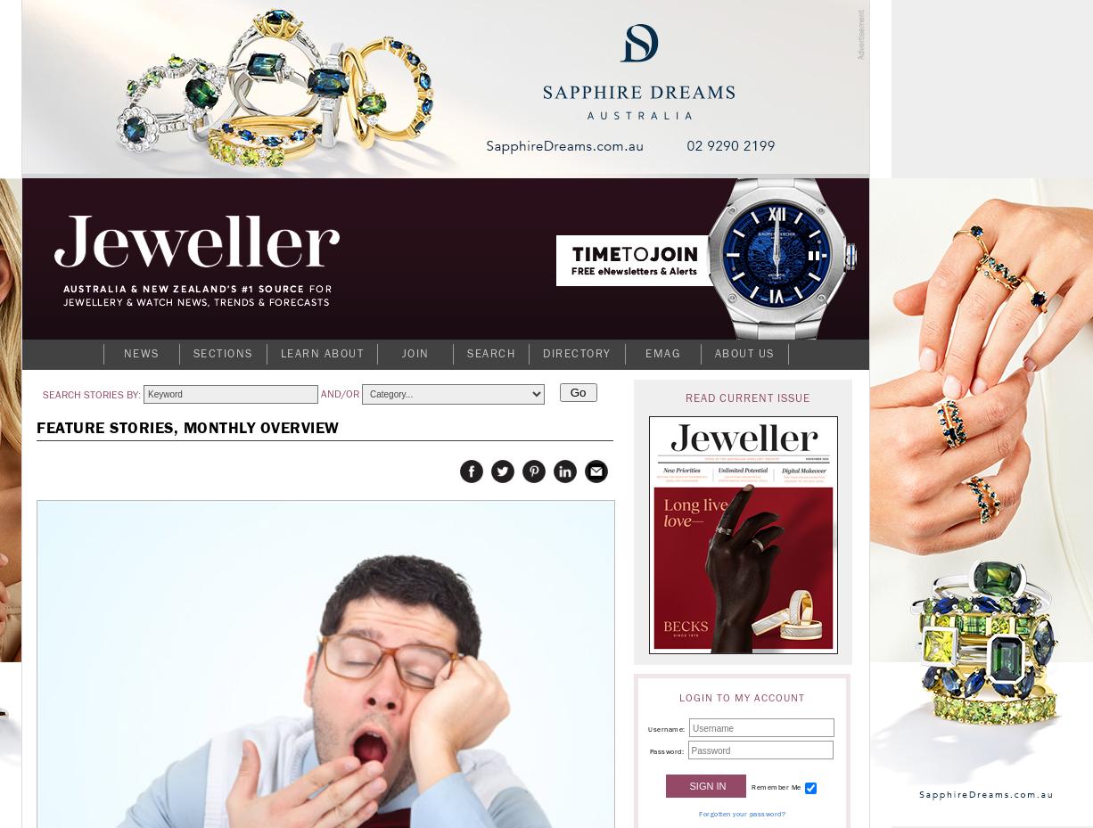 The height and width of the screenshot is (828, 1093). Describe the element at coordinates (776, 787) in the screenshot. I see `'Remember Me'` at that location.